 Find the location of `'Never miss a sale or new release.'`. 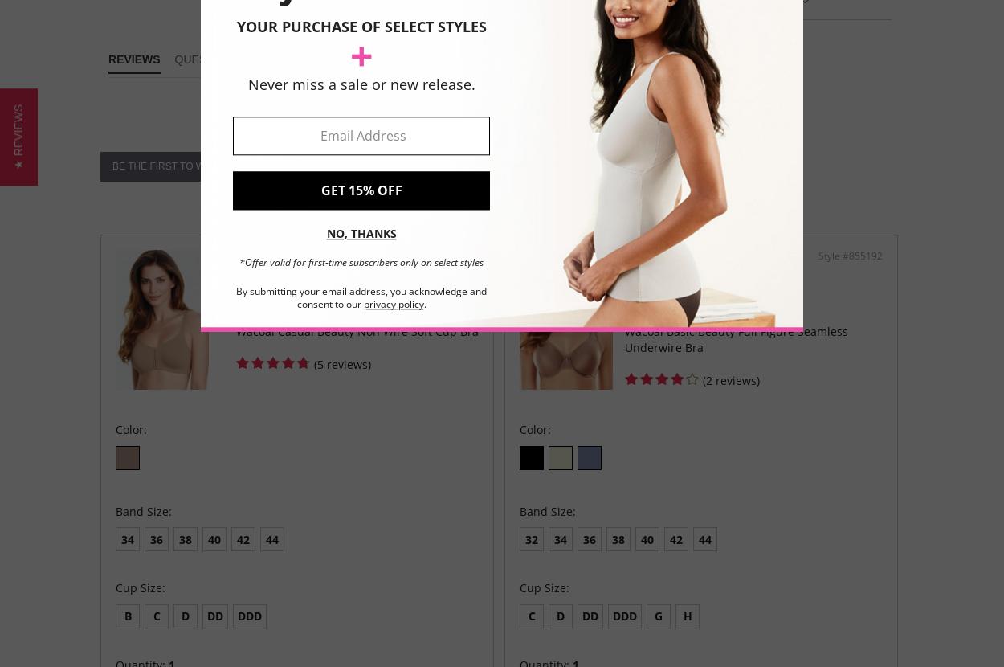

'Never miss a sale or new release.' is located at coordinates (360, 84).